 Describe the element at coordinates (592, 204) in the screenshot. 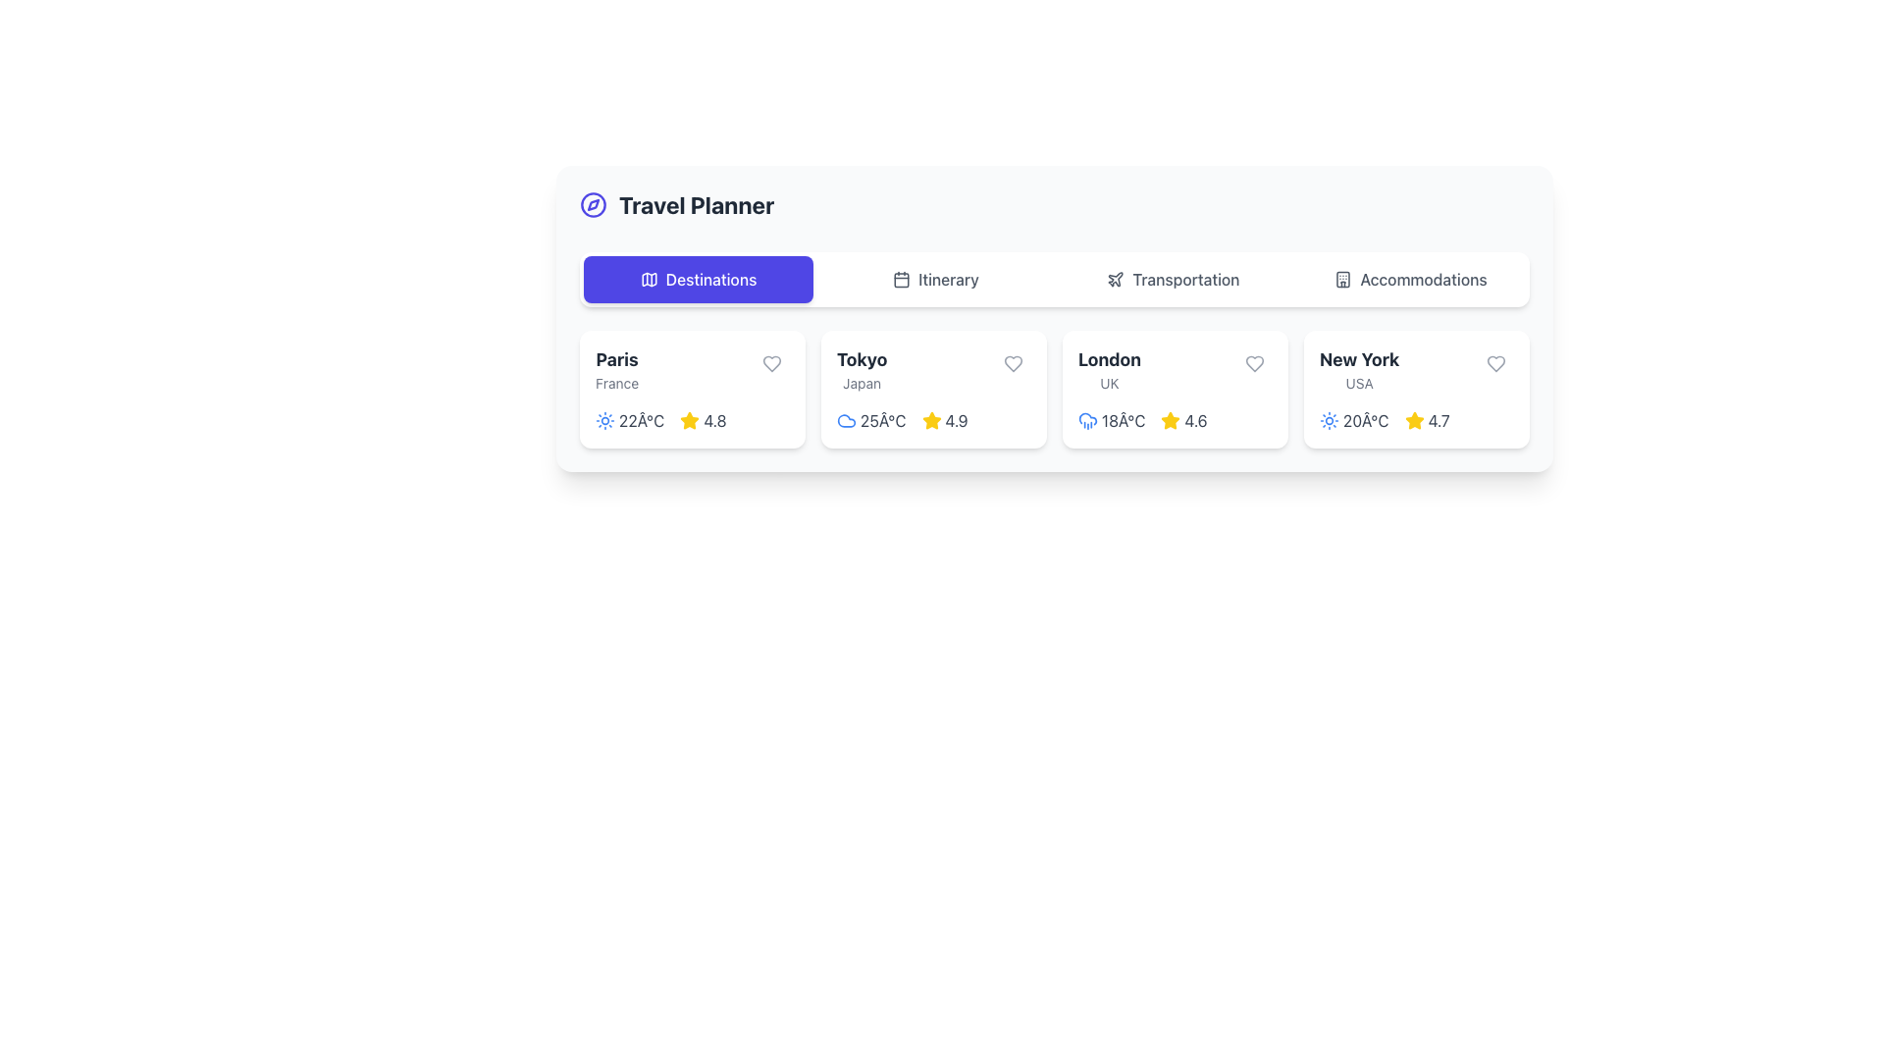

I see `the navigation icon that represents the 'Travel Planner' heading, located to the left of the text` at that location.